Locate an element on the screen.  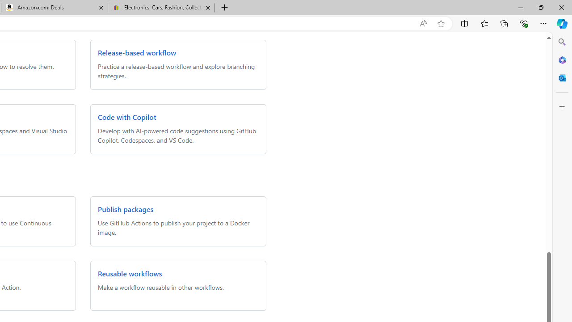
'Release-based workflow' is located at coordinates (136, 52).